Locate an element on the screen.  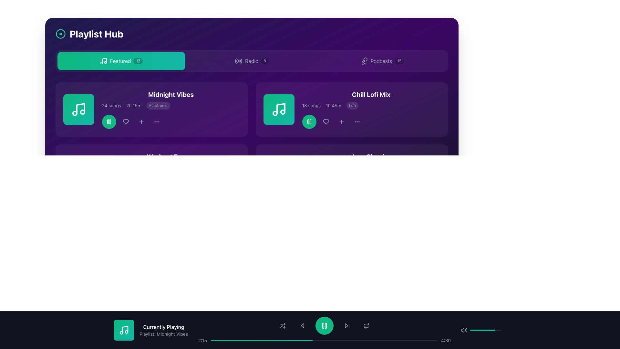
the badge indicating the number of items or notifications related to the 'Radio' section, located to the right of the 'Radio' label in the top navigation area is located at coordinates (265, 61).